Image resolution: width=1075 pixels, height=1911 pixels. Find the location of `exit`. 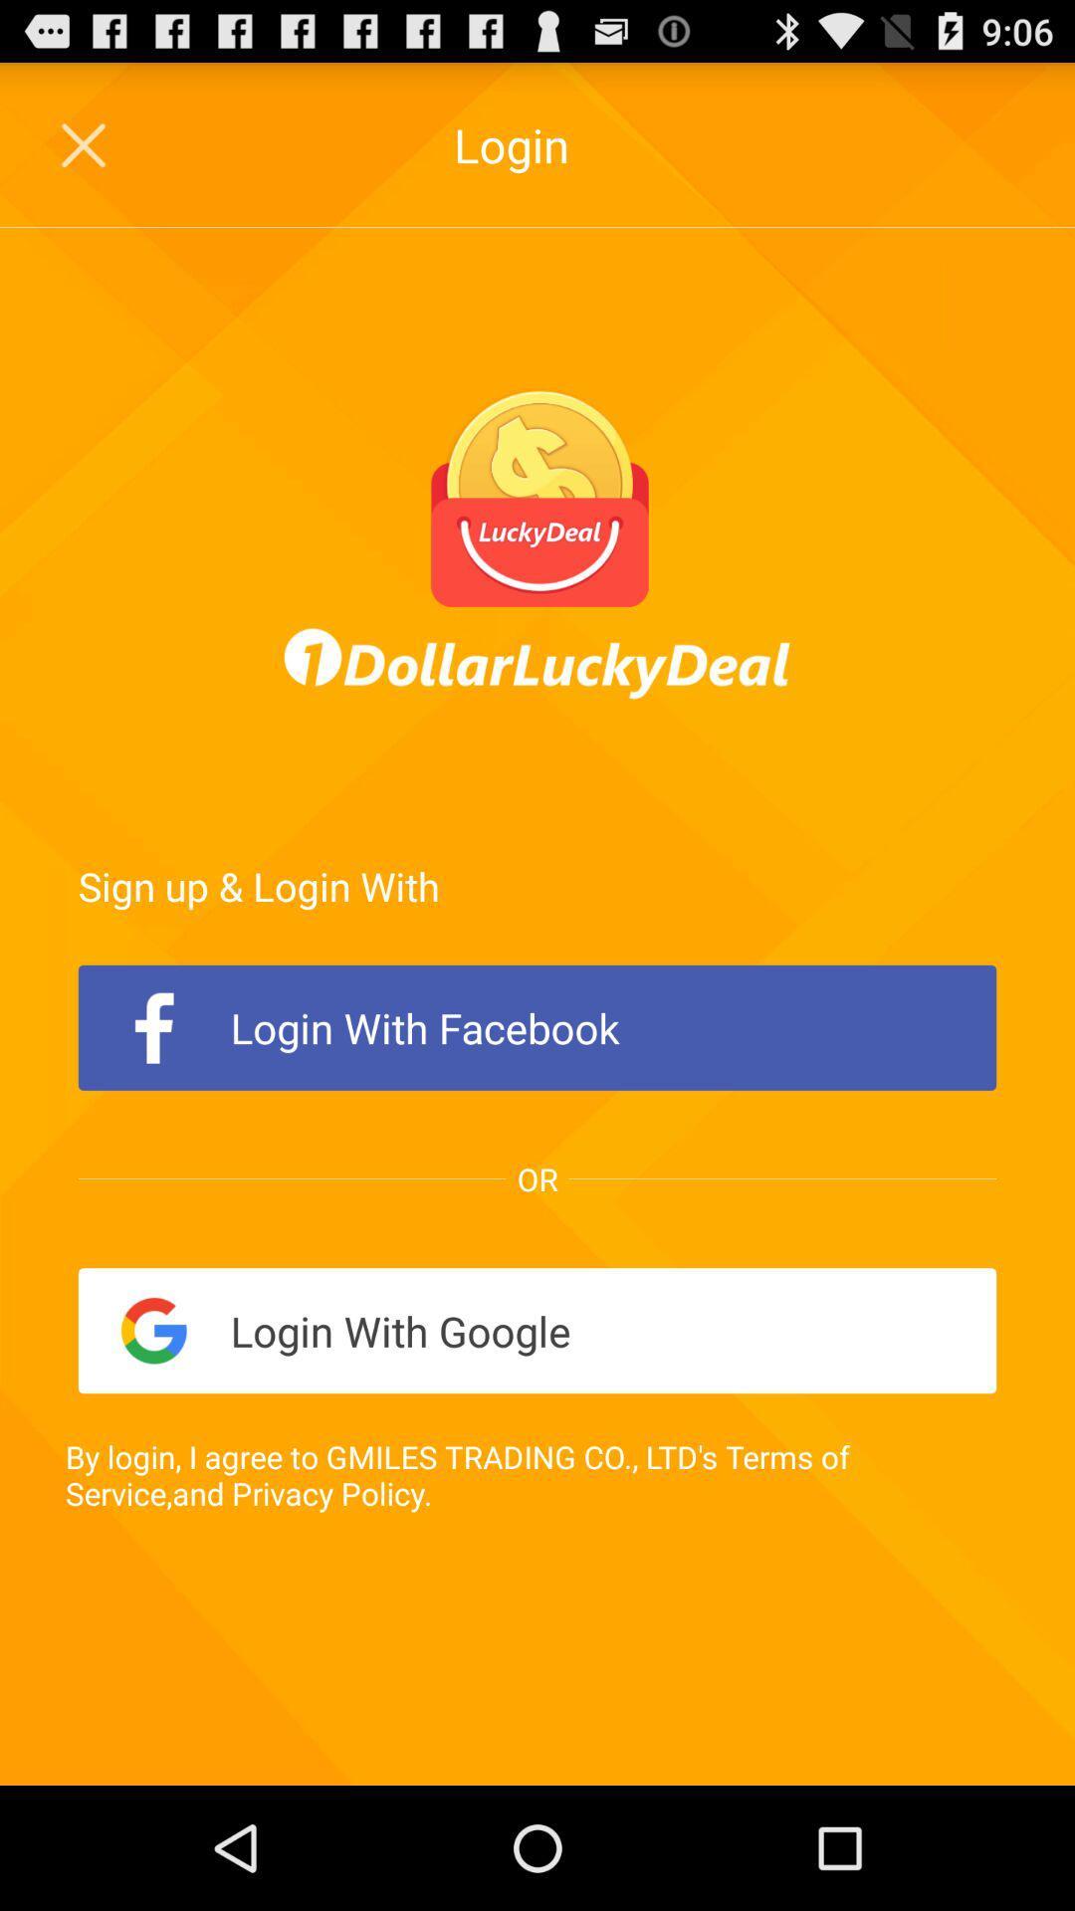

exit is located at coordinates (85, 143).